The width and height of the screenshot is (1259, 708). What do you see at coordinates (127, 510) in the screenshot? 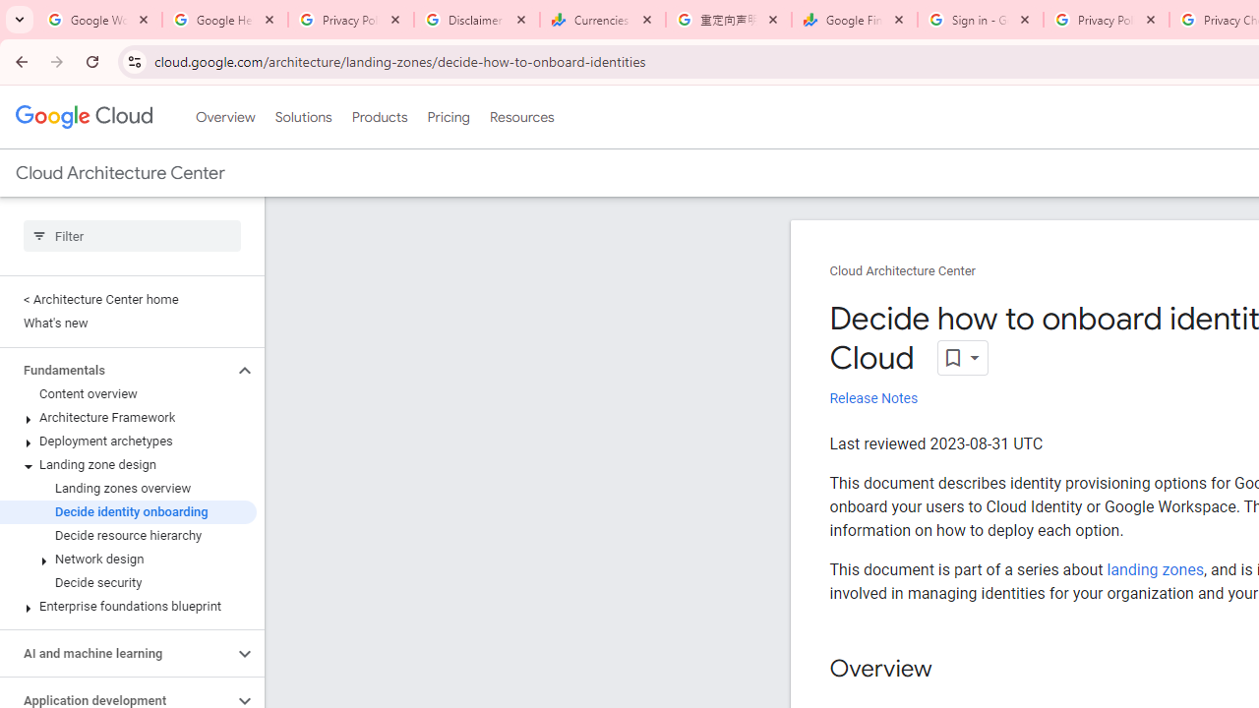
I see `'Decide identity onboarding'` at bounding box center [127, 510].